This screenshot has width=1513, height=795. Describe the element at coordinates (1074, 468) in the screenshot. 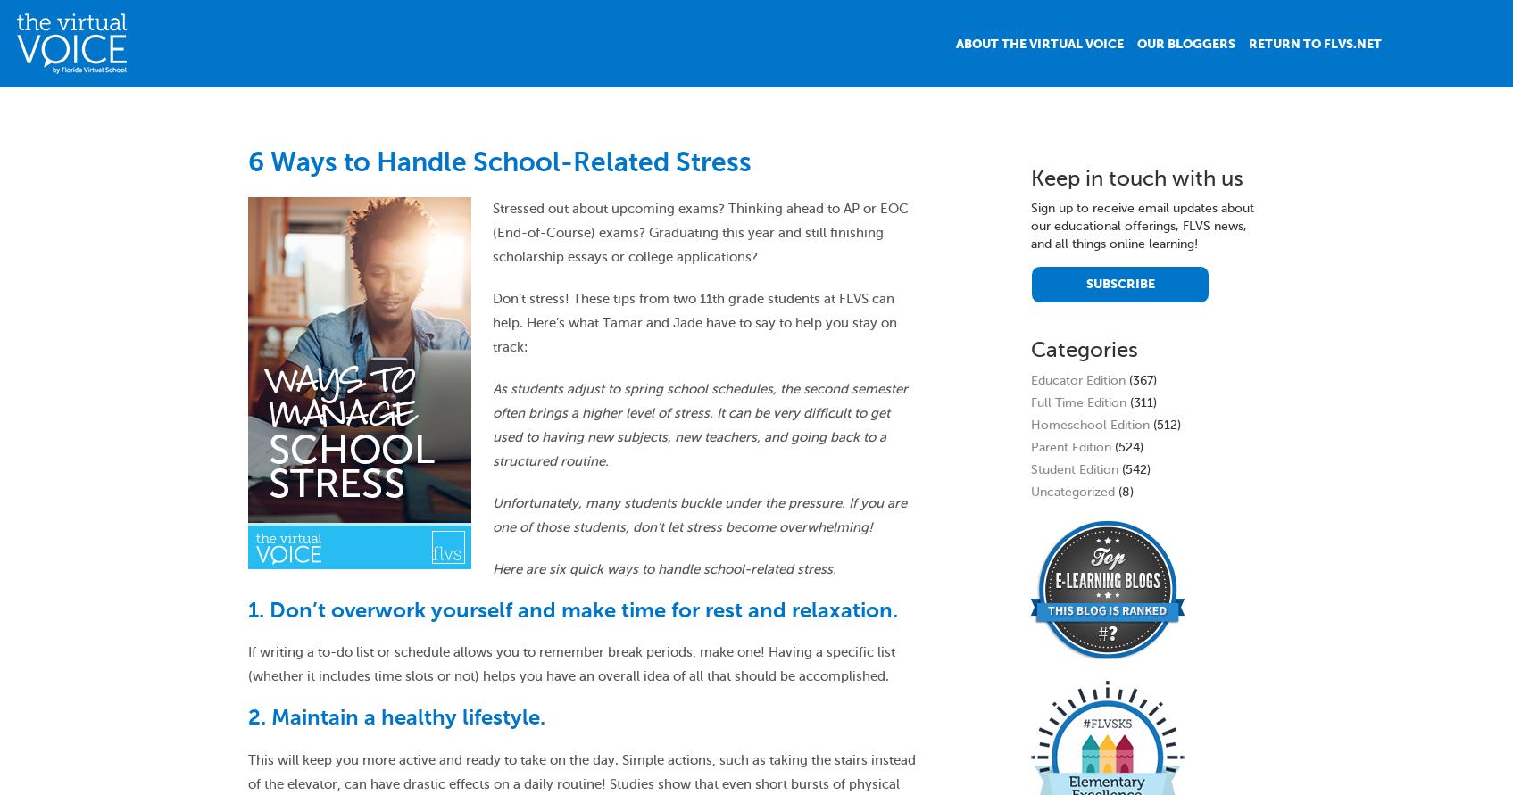

I see `'Student Edition'` at that location.